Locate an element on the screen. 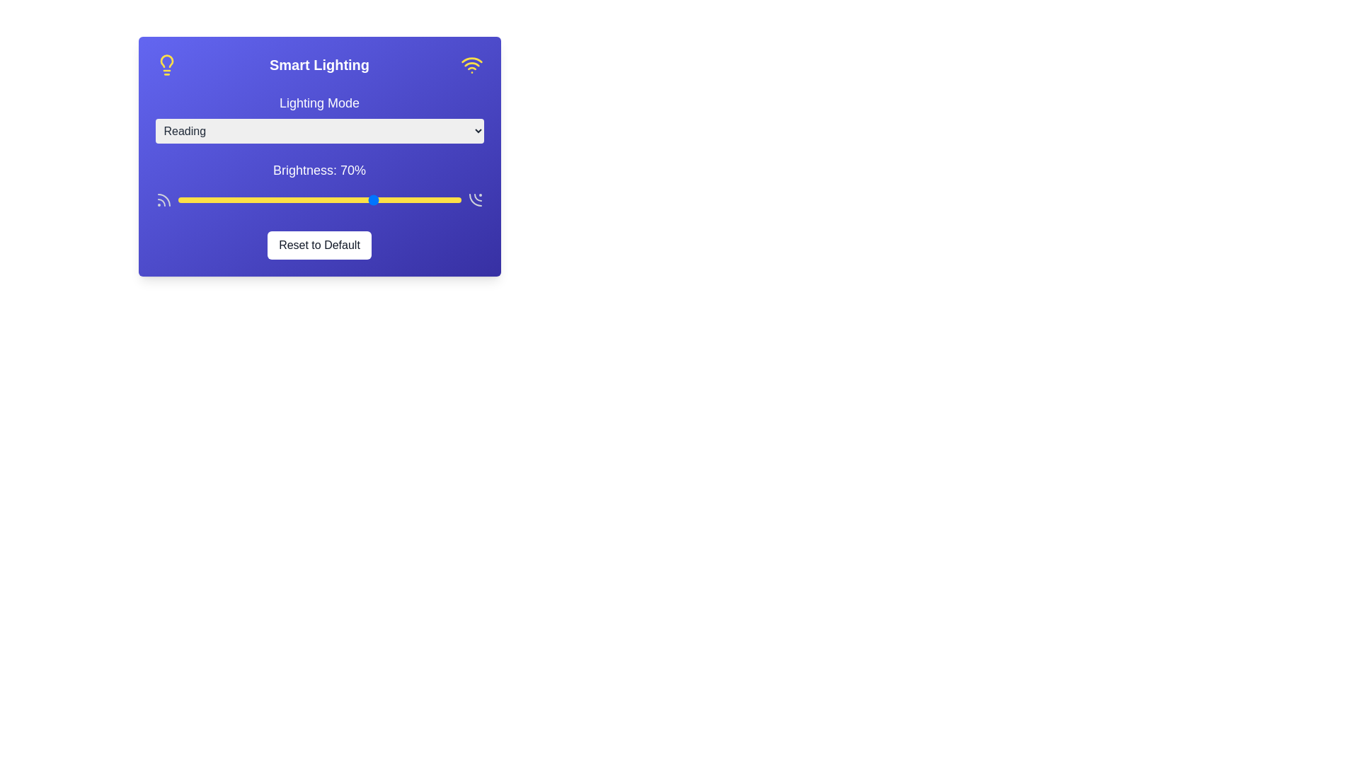  the lighting mode Reading from the dropdown menu is located at coordinates (319, 131).